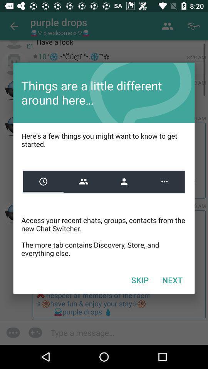  Describe the element at coordinates (172, 279) in the screenshot. I see `the icon to the right of skip` at that location.